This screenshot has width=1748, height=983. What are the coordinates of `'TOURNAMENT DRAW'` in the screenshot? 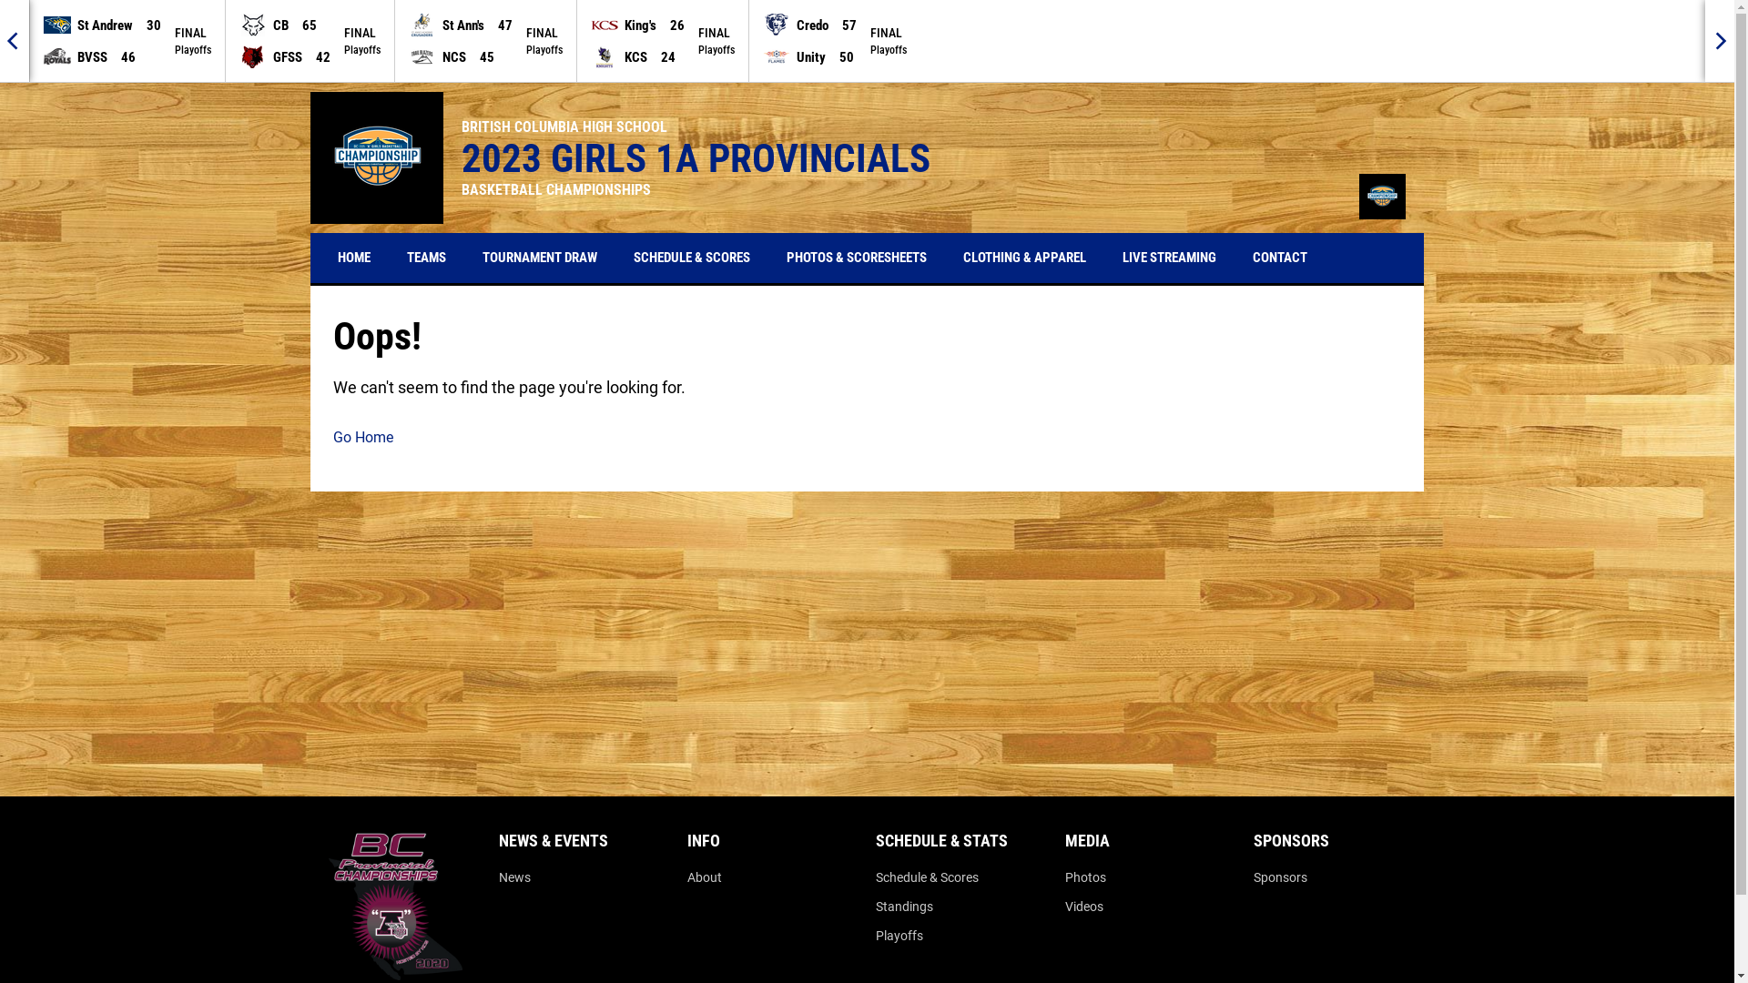 It's located at (539, 258).